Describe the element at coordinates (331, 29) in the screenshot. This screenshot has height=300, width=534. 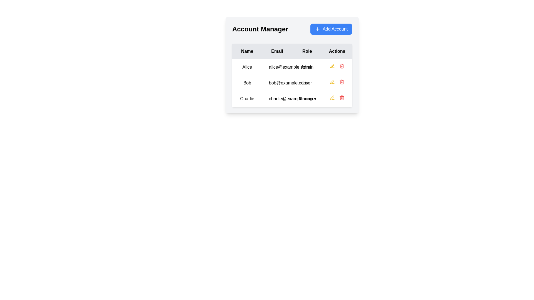
I see `the blue 'Add Account' button with rounded corners and a plus icon, located at the top-right corner next to 'Account Manager'` at that location.